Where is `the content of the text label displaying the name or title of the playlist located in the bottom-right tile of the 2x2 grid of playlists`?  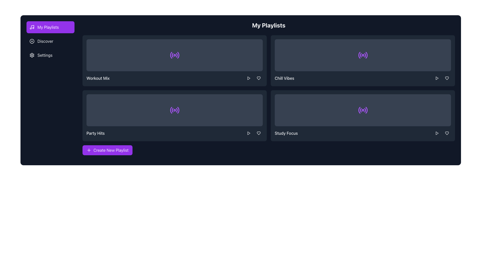 the content of the text label displaying the name or title of the playlist located in the bottom-right tile of the 2x2 grid of playlists is located at coordinates (286, 133).